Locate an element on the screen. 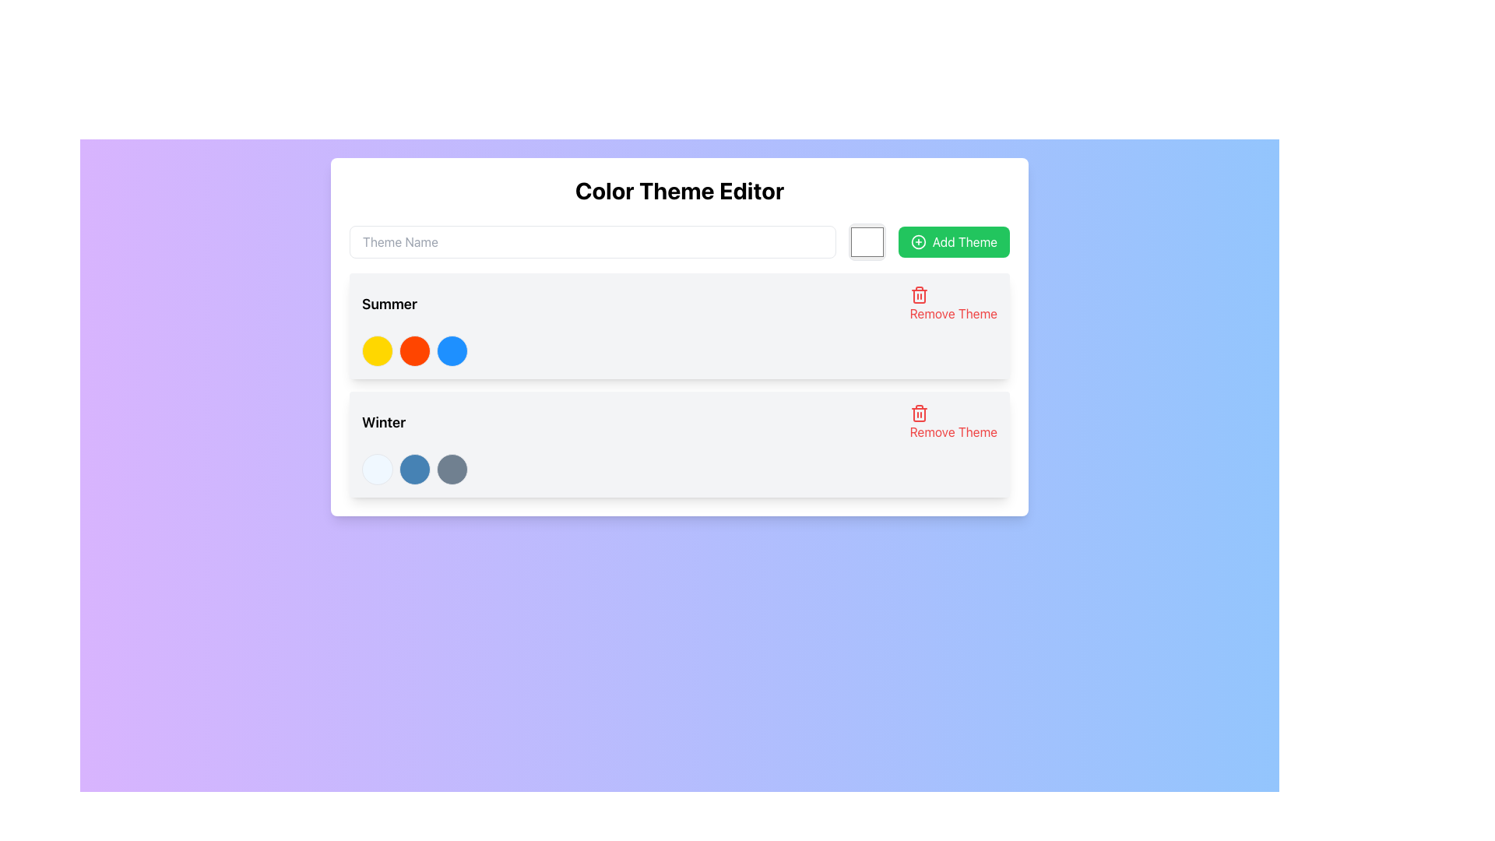 The image size is (1495, 841). the red trash bin icon located next to the 'Remove Theme' text is located at coordinates (919, 413).